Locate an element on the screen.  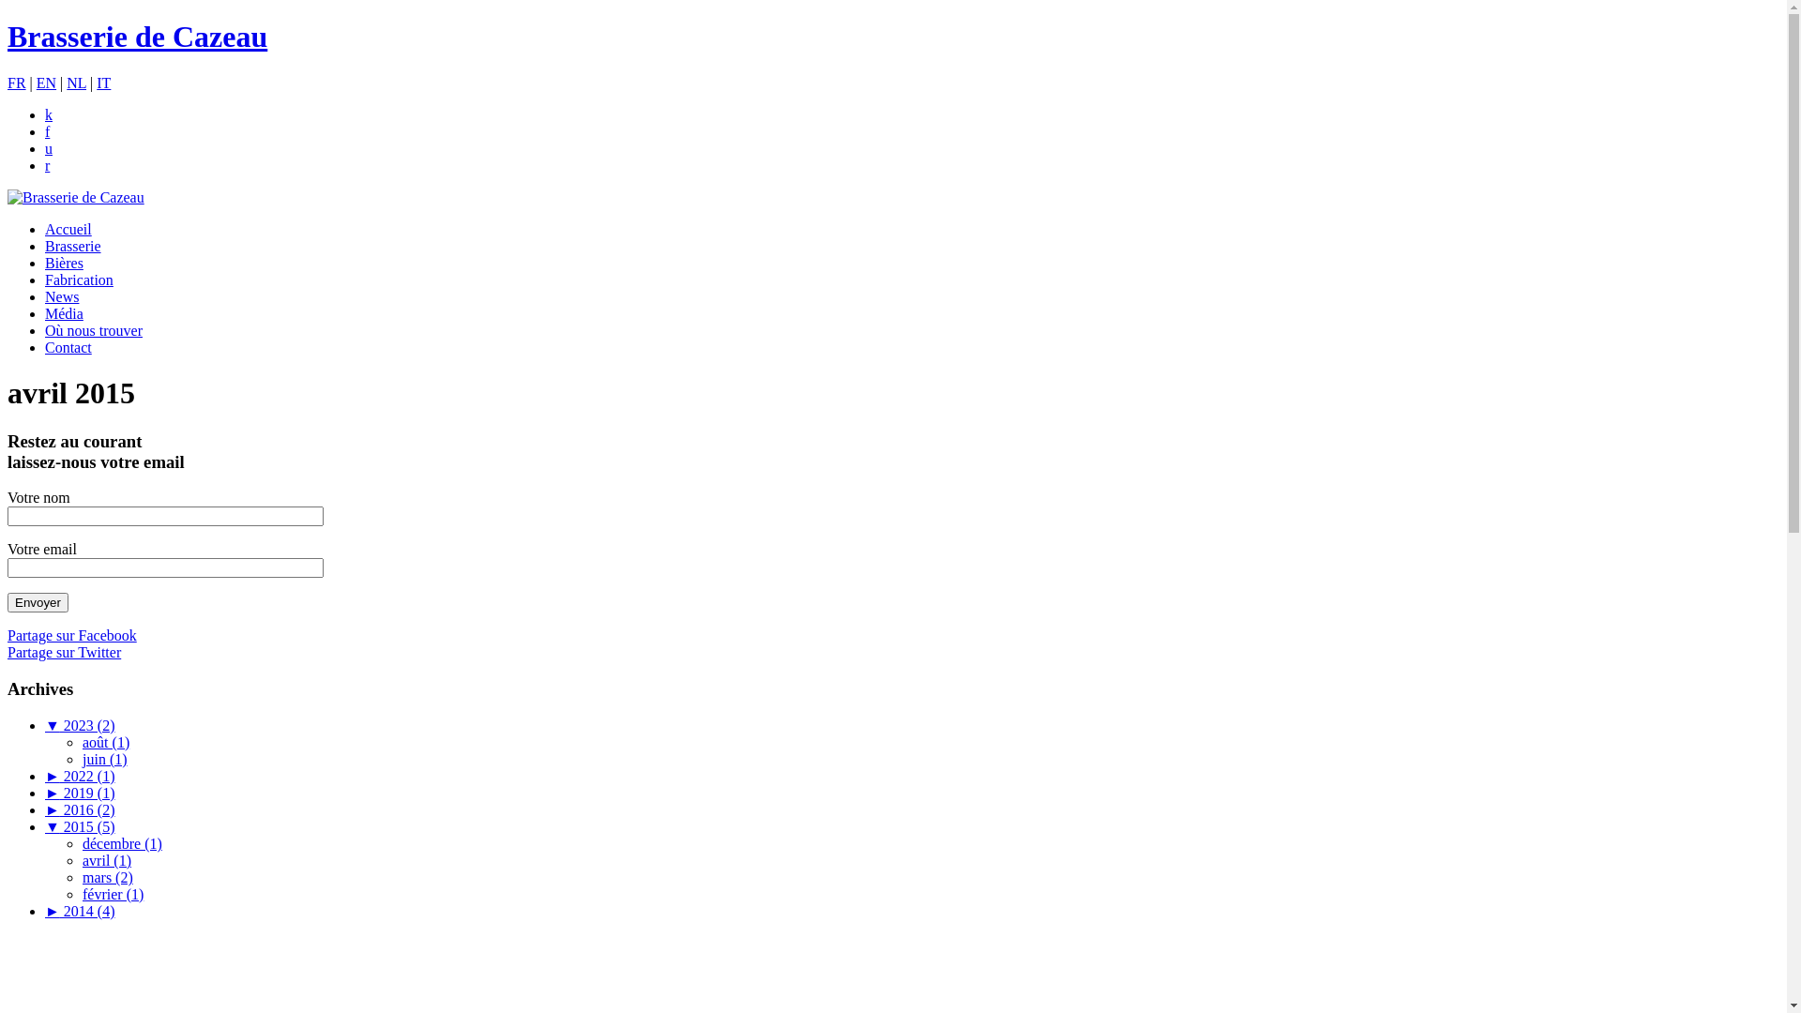
'Contact' is located at coordinates (68, 347).